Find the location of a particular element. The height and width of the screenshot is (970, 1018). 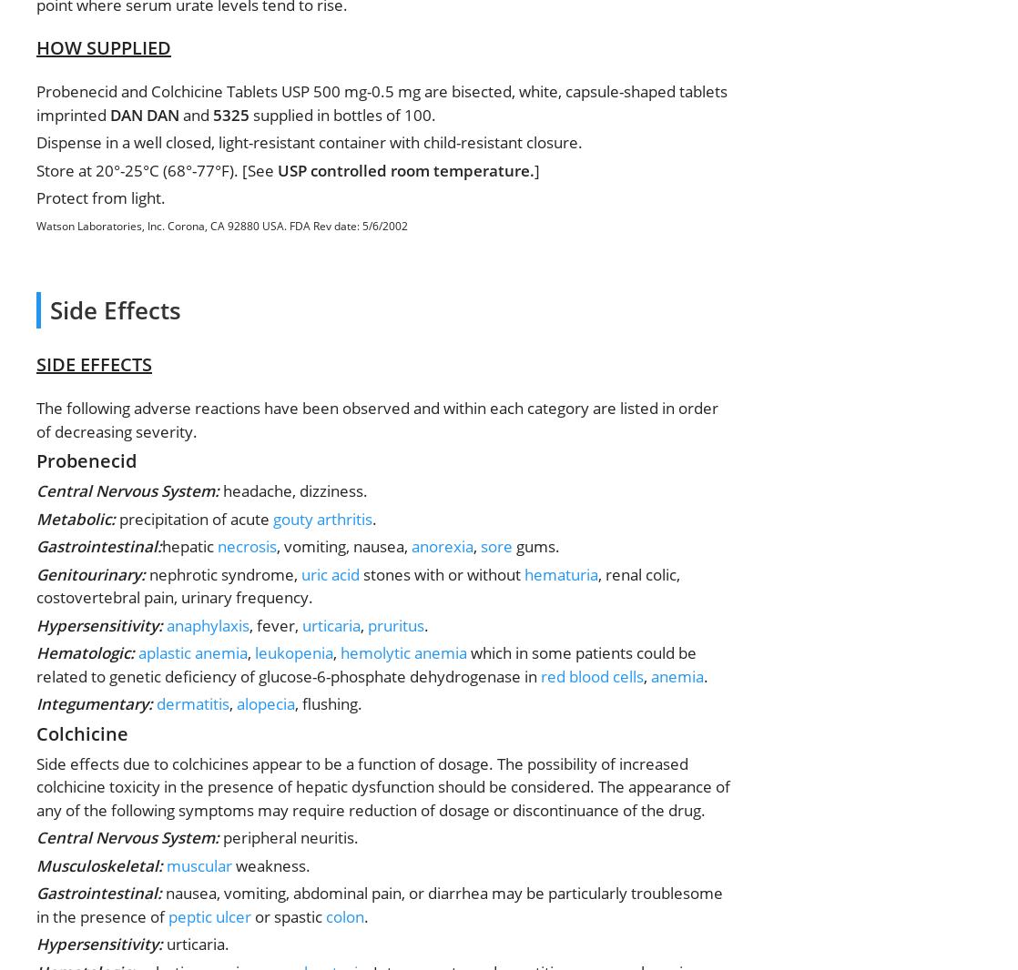

'gums.' is located at coordinates (535, 545).